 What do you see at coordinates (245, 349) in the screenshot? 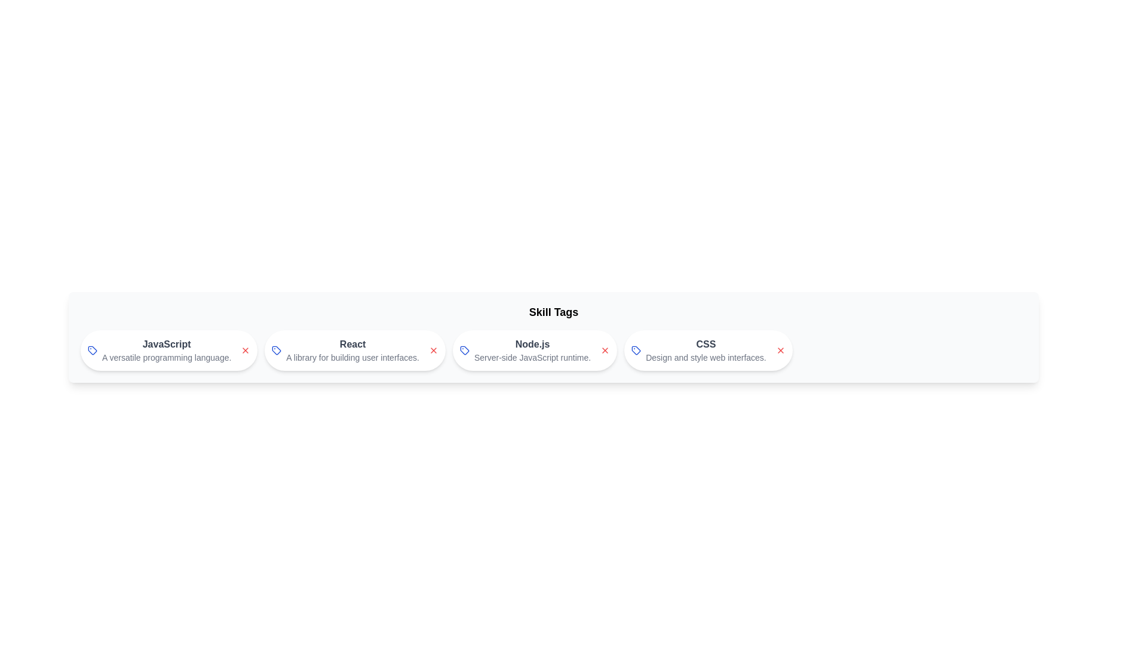
I see `close button of the skill chip labeled JavaScript` at bounding box center [245, 349].